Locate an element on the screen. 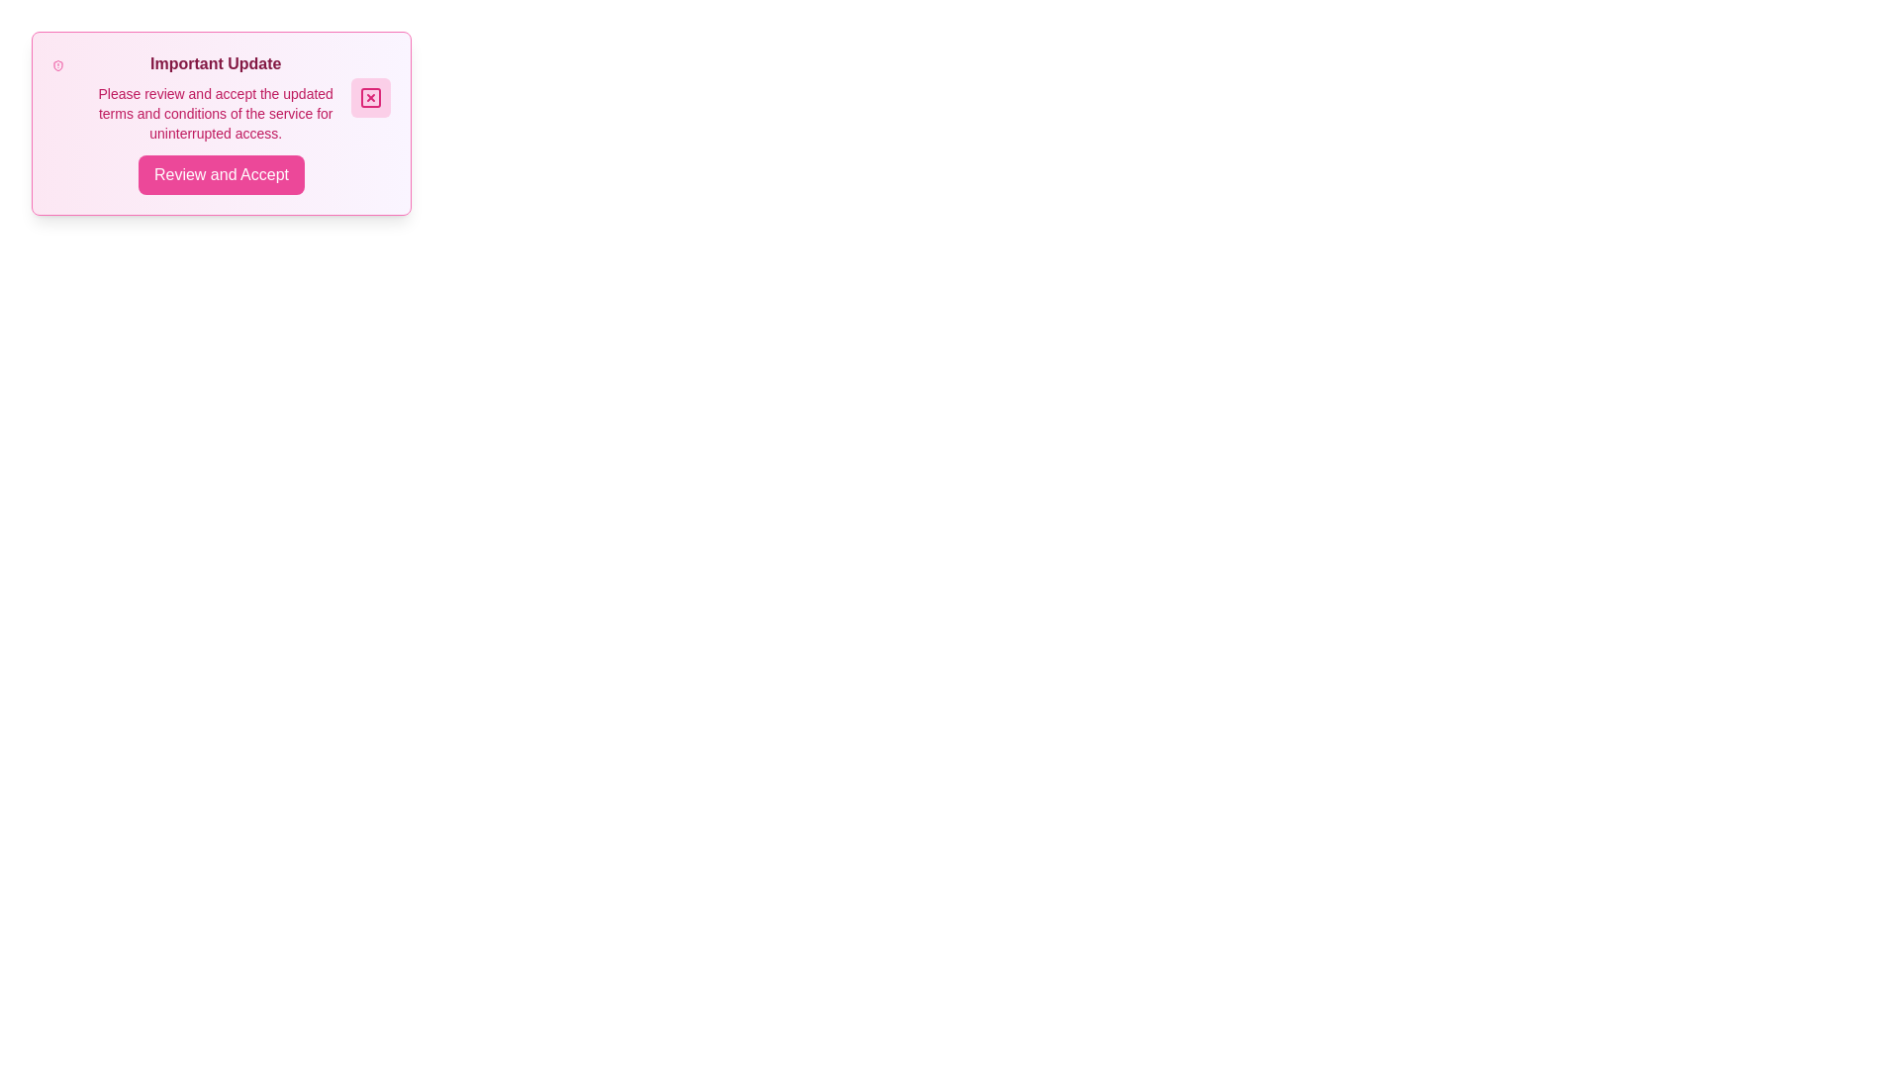 This screenshot has width=1900, height=1069. the close button located at the top-right corner of the pink notification card is located at coordinates (370, 98).